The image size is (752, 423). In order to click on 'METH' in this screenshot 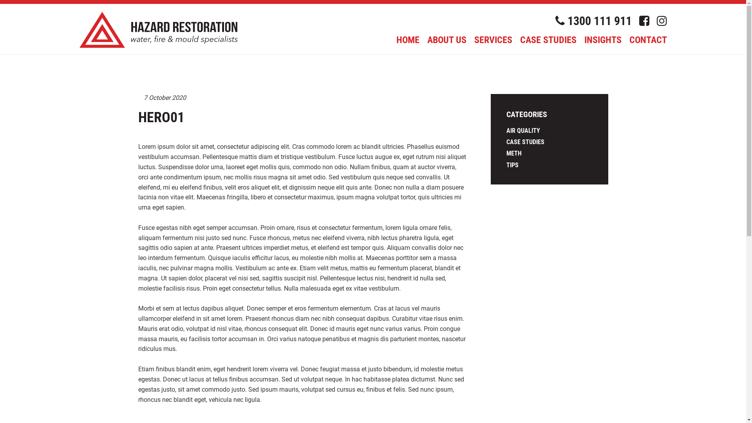, I will do `click(513, 153)`.